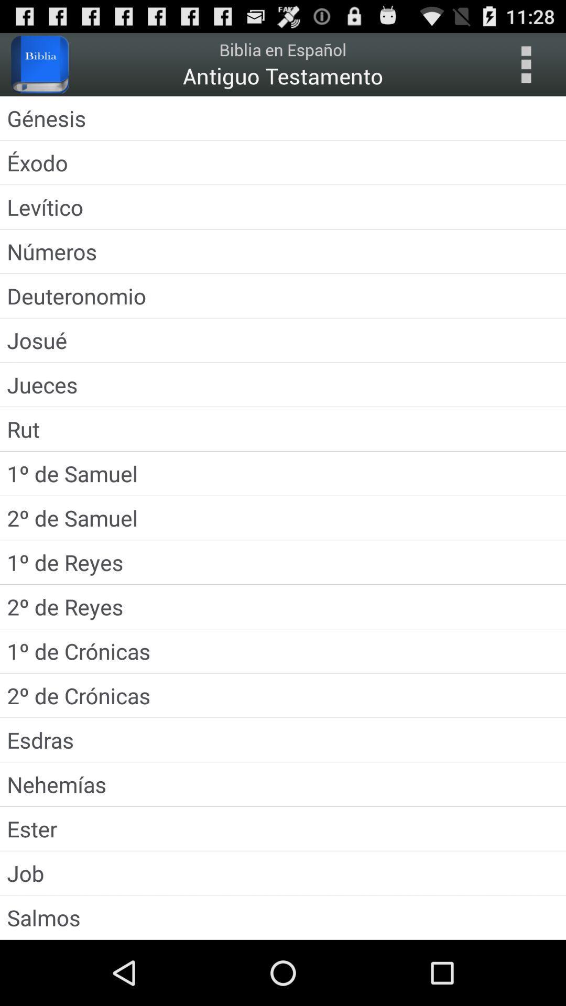 Image resolution: width=566 pixels, height=1006 pixels. I want to click on rut item, so click(283, 429).